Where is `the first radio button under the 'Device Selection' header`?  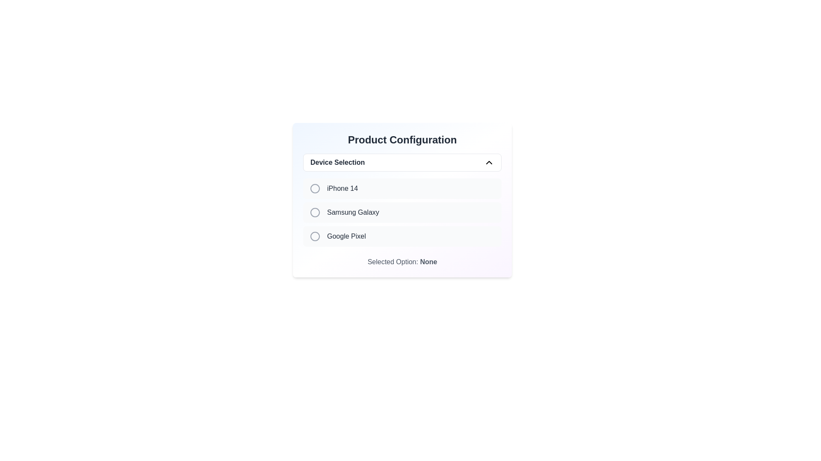 the first radio button under the 'Device Selection' header is located at coordinates (315, 188).